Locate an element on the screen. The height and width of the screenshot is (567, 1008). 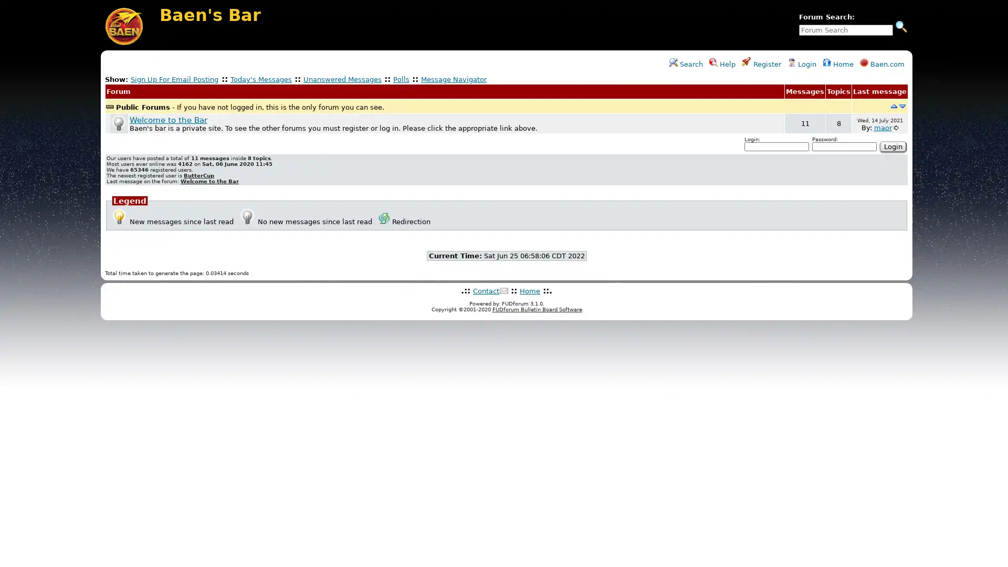
Search is located at coordinates (901, 26).